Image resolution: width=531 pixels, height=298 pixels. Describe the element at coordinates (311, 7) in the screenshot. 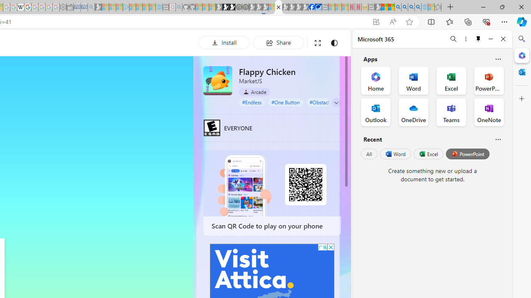

I see `'Nordace | Facebook'` at that location.